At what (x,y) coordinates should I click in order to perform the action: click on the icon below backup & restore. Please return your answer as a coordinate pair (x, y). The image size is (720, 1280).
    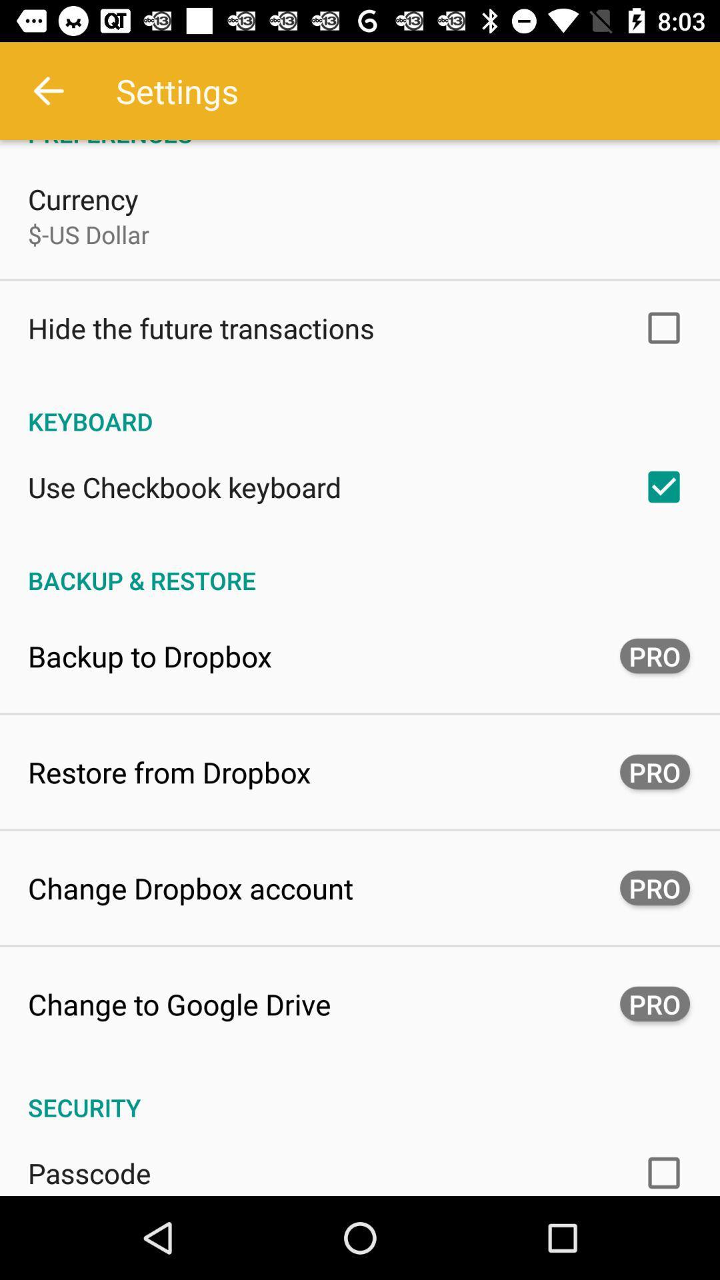
    Looking at the image, I should click on (149, 655).